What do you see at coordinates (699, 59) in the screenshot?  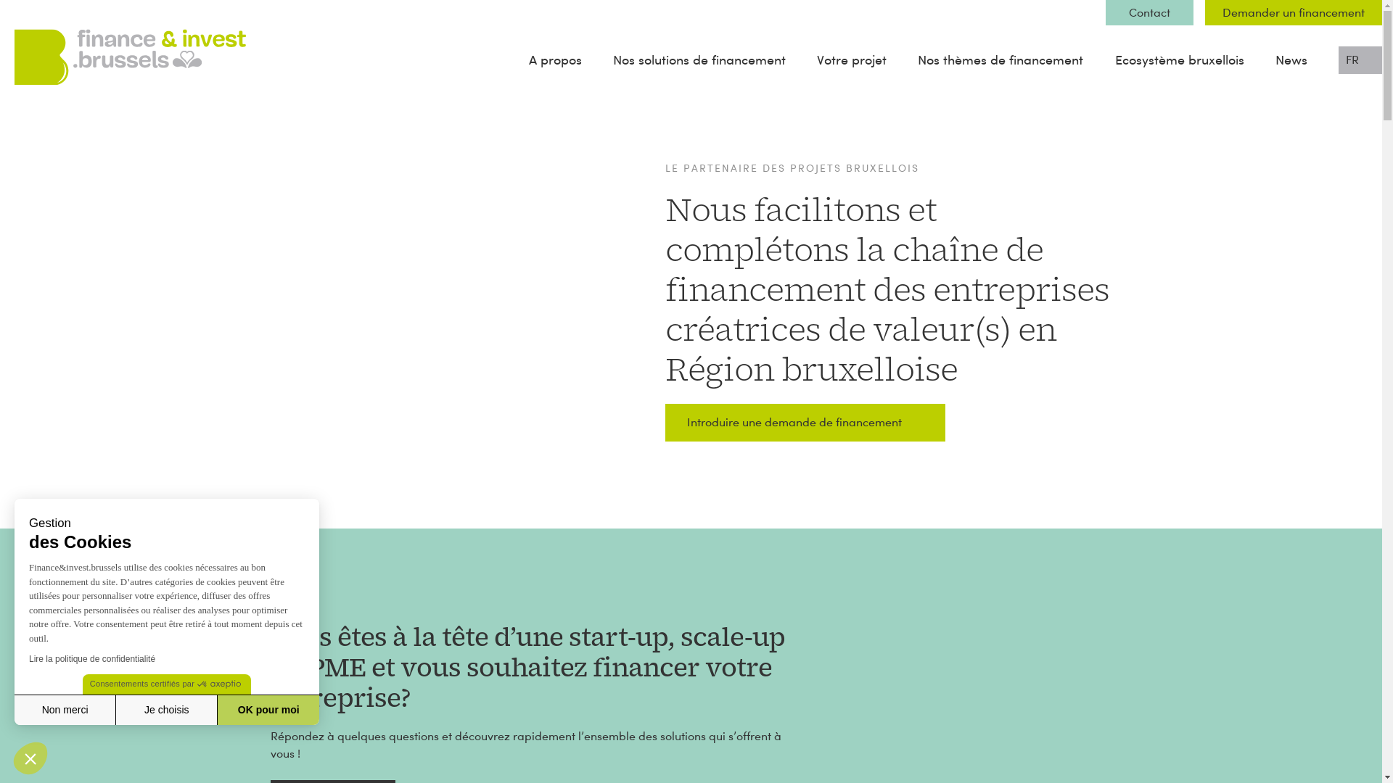 I see `'Nos solutions de financement'` at bounding box center [699, 59].